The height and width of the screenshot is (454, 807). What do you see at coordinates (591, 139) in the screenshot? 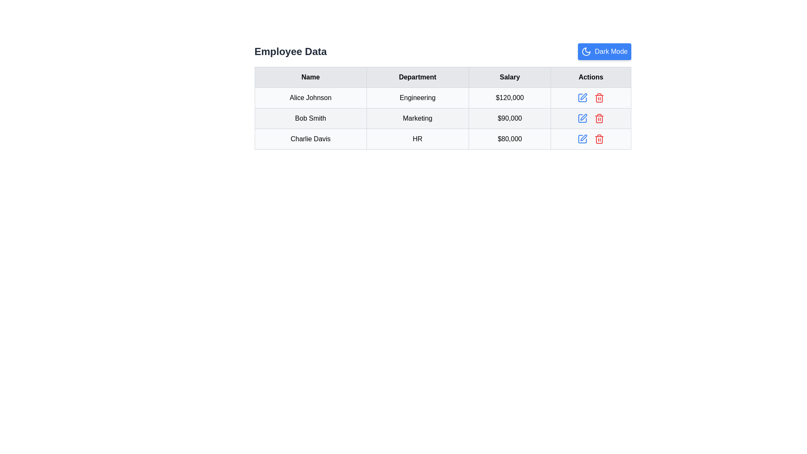
I see `the blue edit icon located in the last column of the last row of the table to initiate editing` at bounding box center [591, 139].